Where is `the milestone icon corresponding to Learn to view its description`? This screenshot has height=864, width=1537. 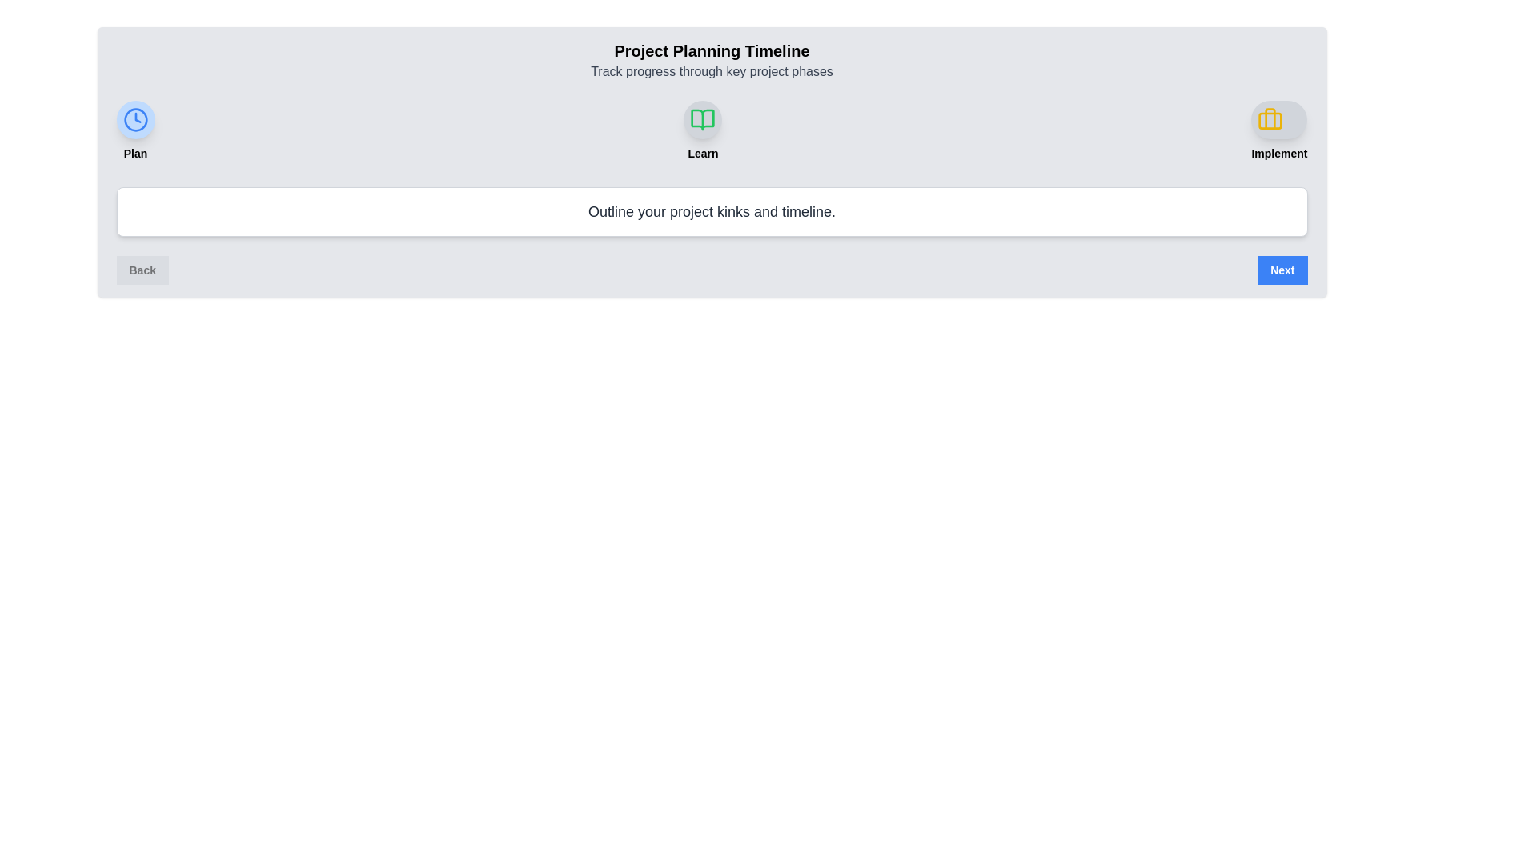
the milestone icon corresponding to Learn to view its description is located at coordinates (703, 119).